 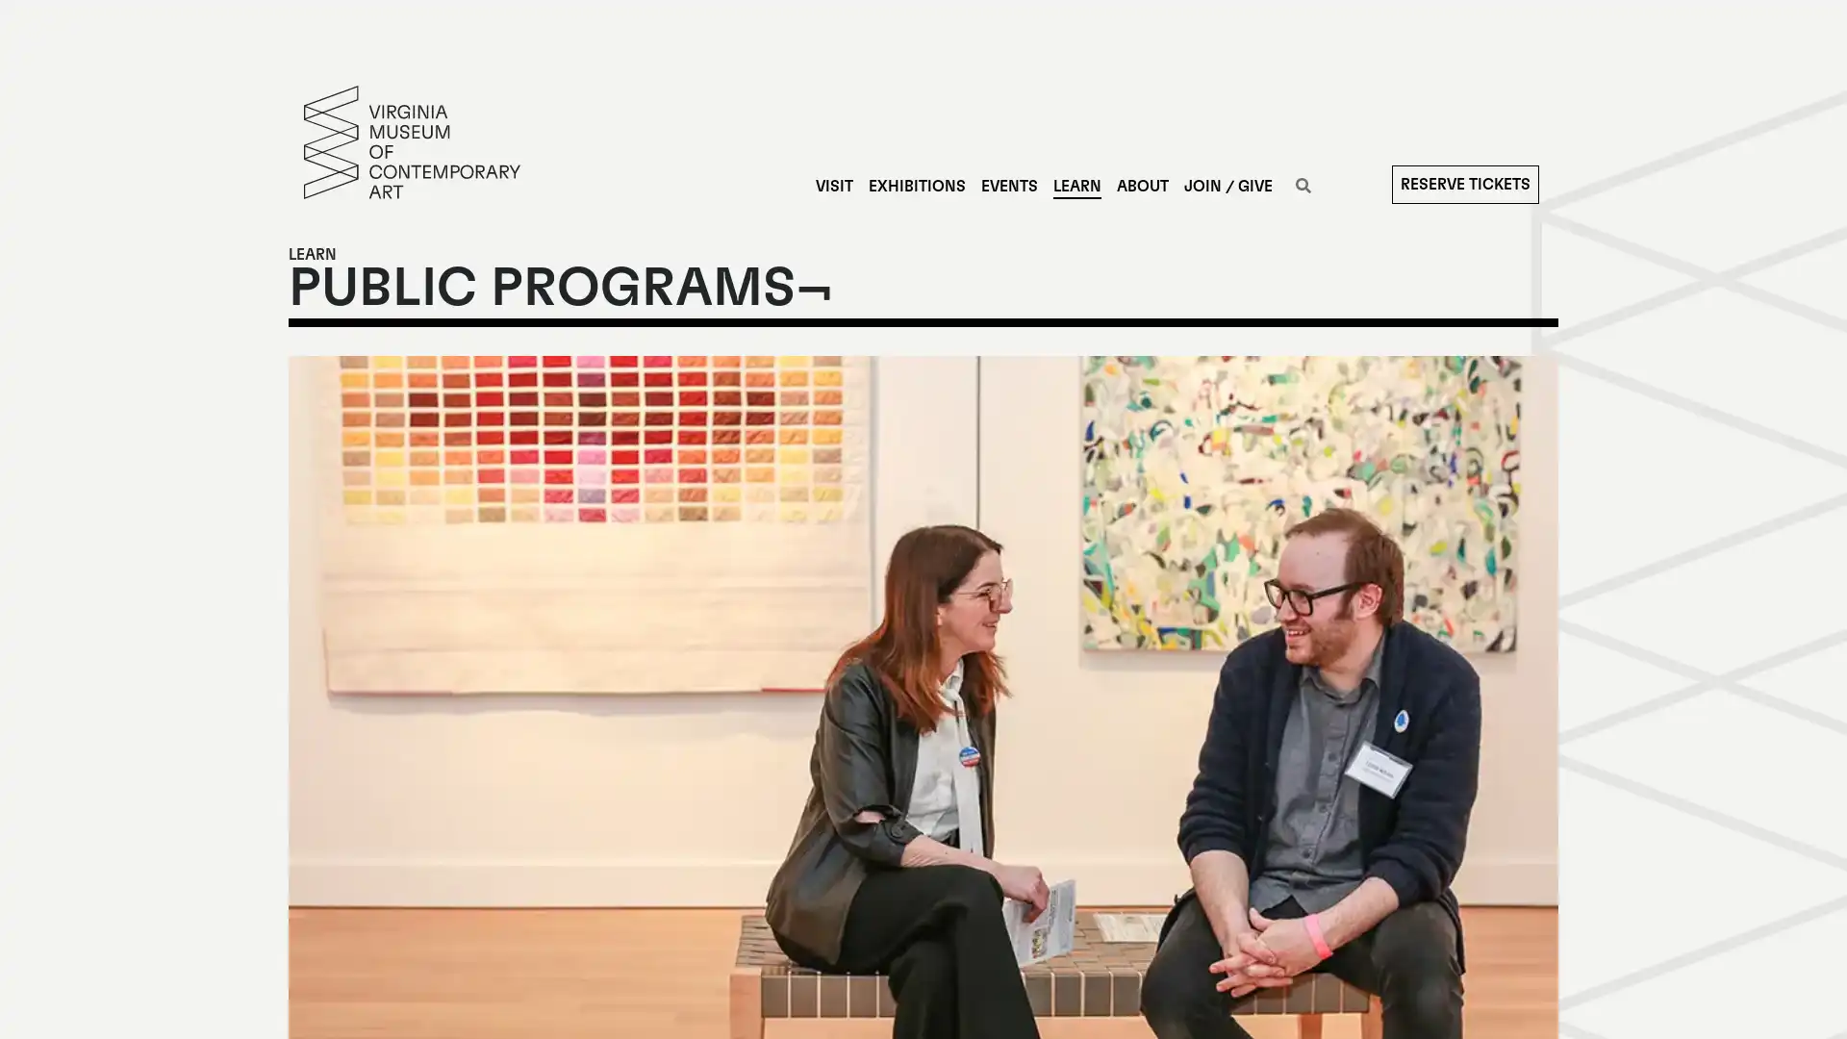 What do you see at coordinates (833, 186) in the screenshot?
I see `VISIT` at bounding box center [833, 186].